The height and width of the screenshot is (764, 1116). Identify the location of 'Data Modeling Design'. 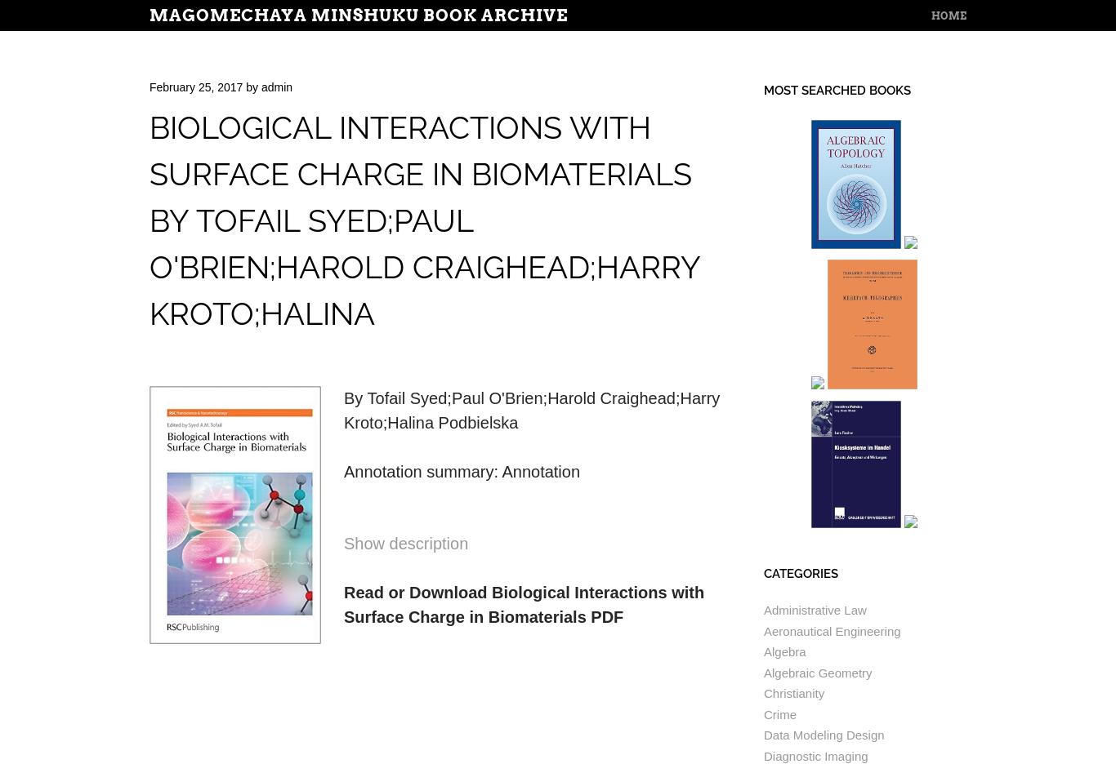
(824, 735).